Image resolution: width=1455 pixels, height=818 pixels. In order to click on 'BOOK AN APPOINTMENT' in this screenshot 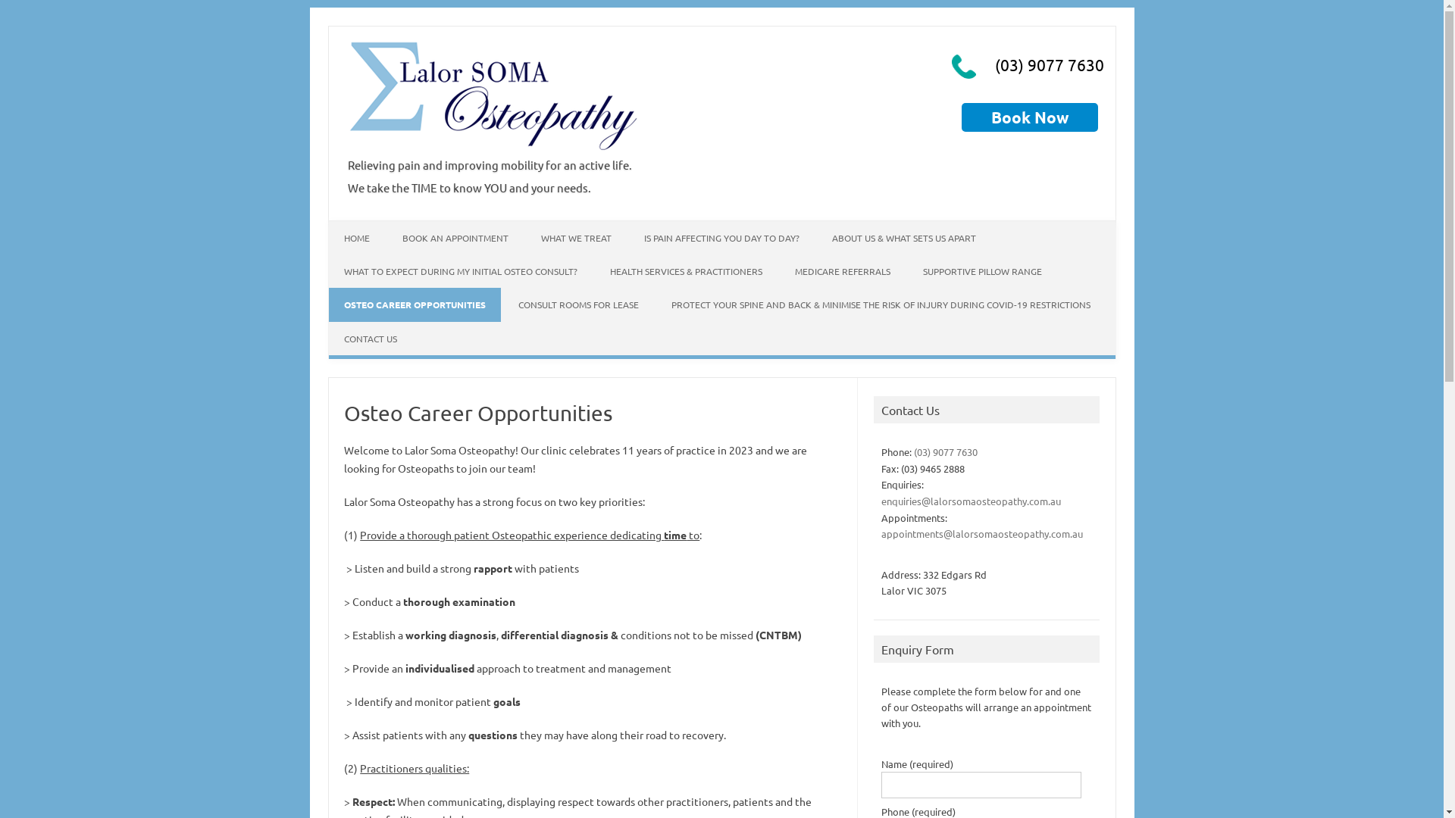, I will do `click(454, 237)`.